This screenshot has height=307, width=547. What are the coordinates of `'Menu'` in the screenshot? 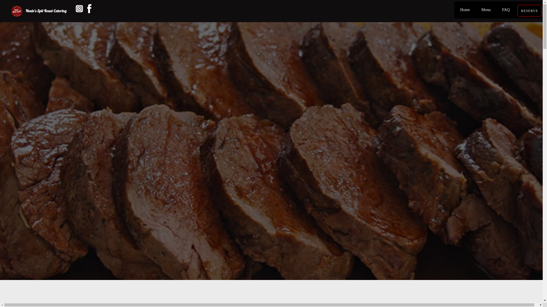 It's located at (485, 10).